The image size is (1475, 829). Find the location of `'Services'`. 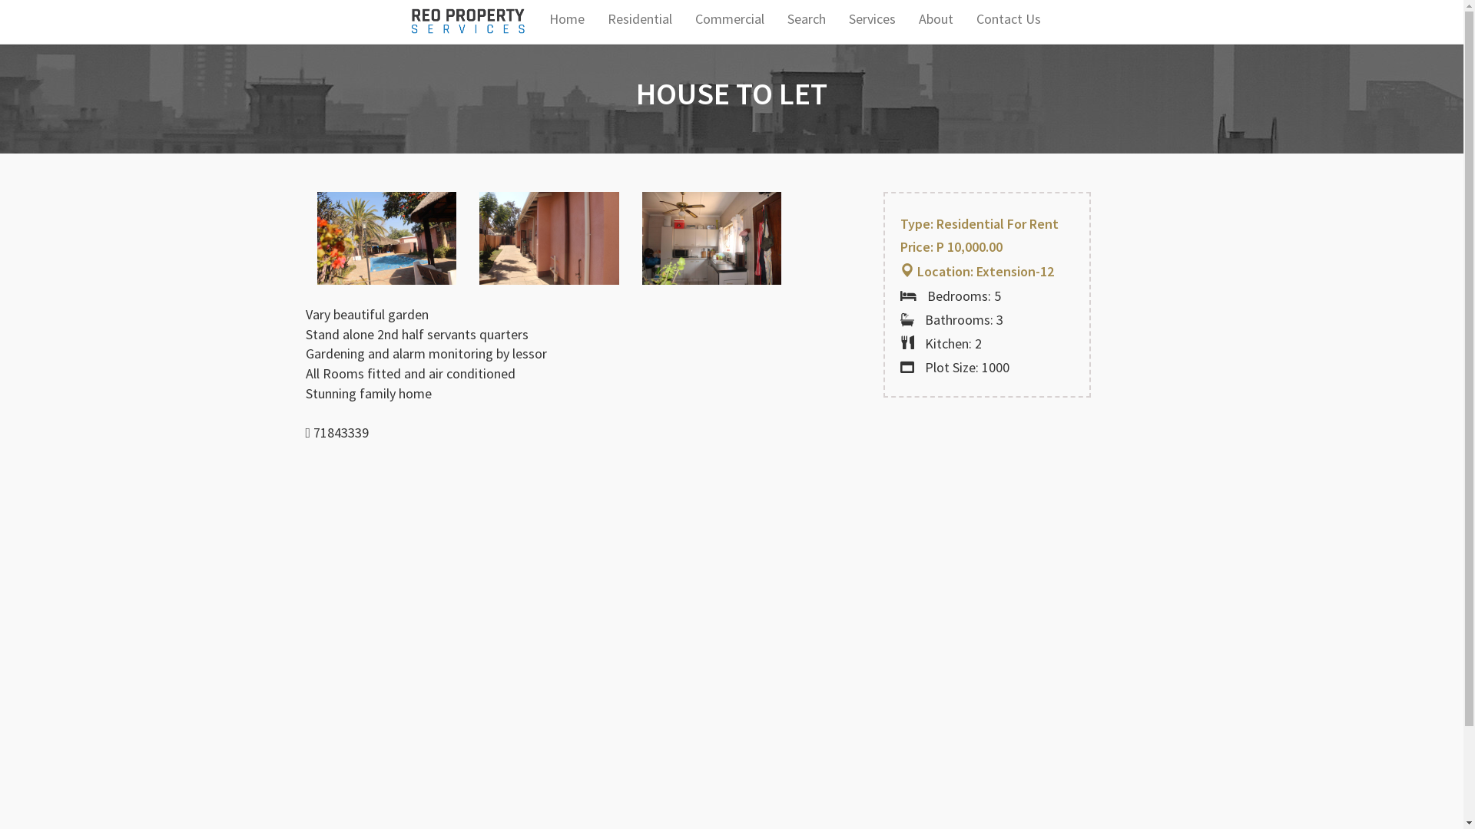

'Services' is located at coordinates (872, 18).